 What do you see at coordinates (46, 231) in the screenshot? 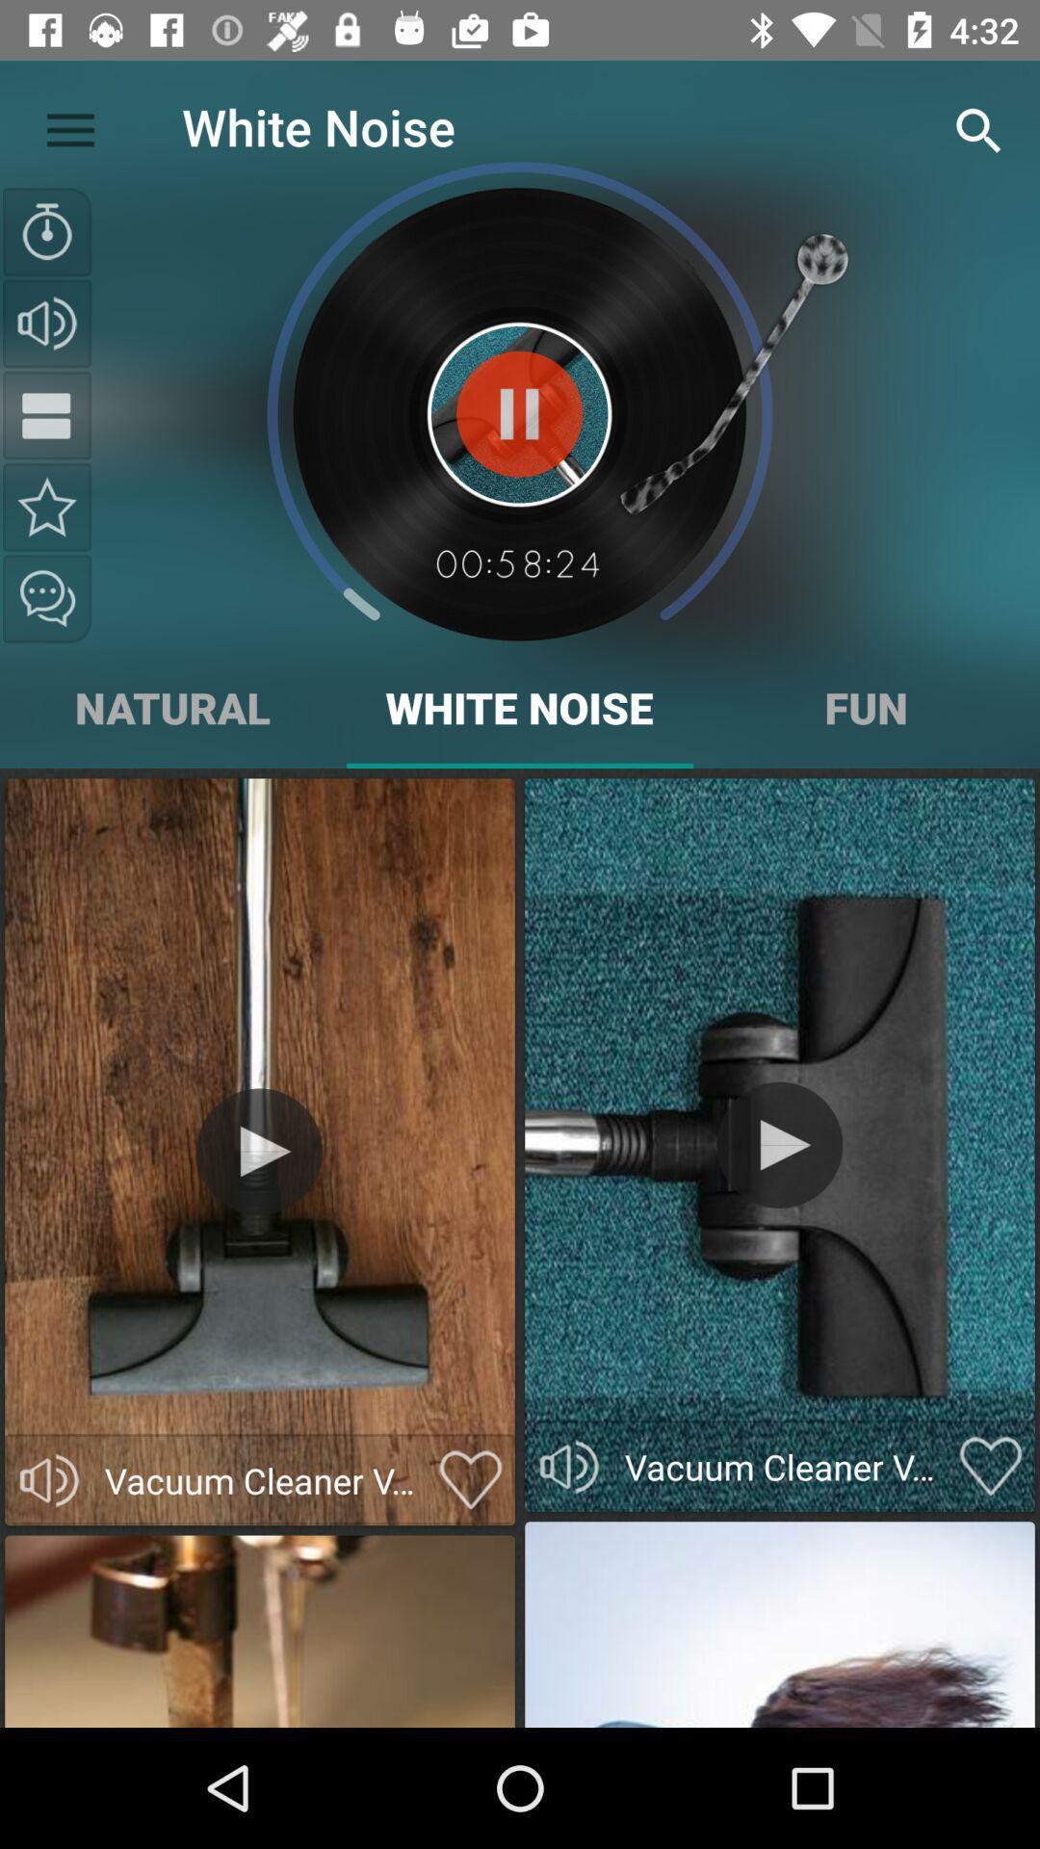
I see `the time icon` at bounding box center [46, 231].